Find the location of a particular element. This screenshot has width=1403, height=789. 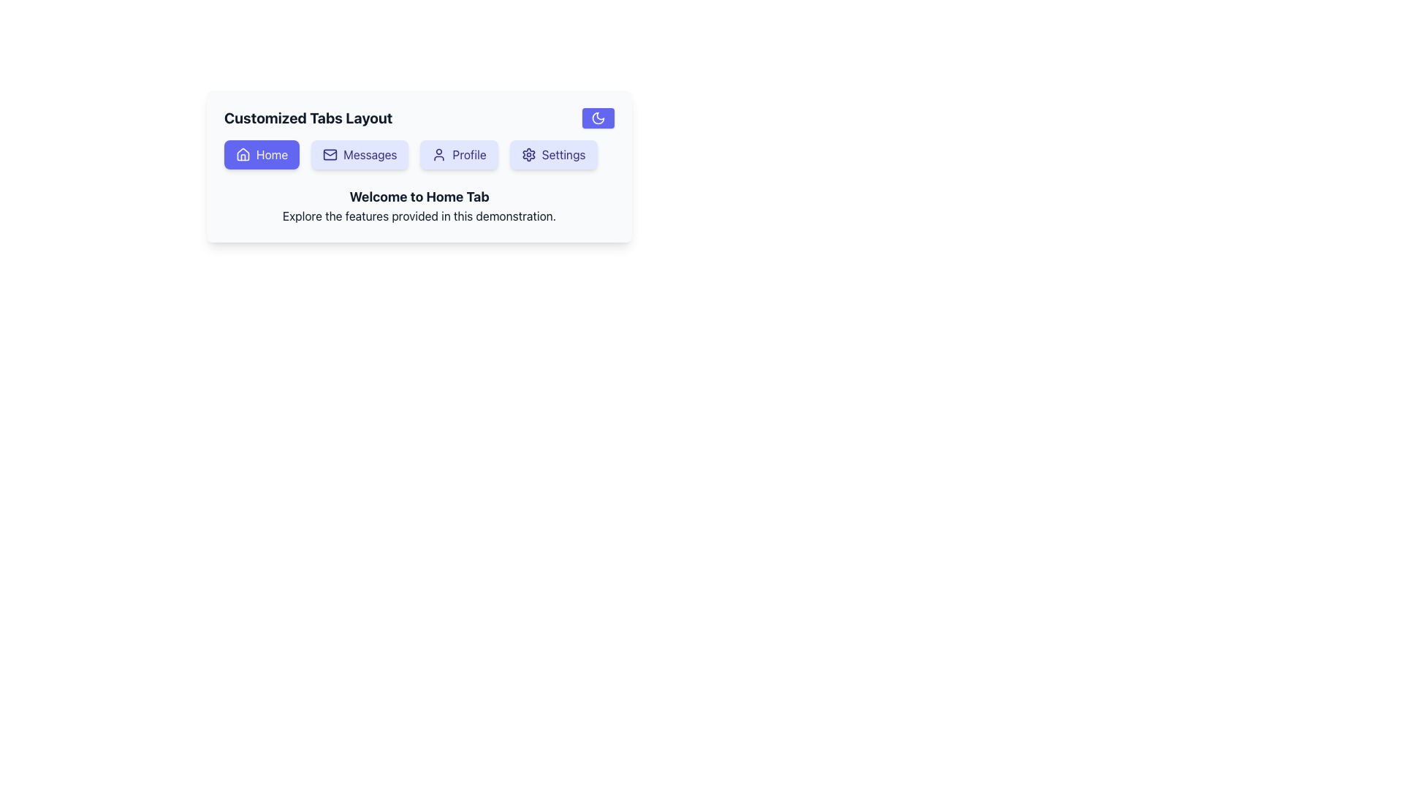

informational text block located at the bottom of the 'Home Tab' layout, which describes its features is located at coordinates (419, 205).